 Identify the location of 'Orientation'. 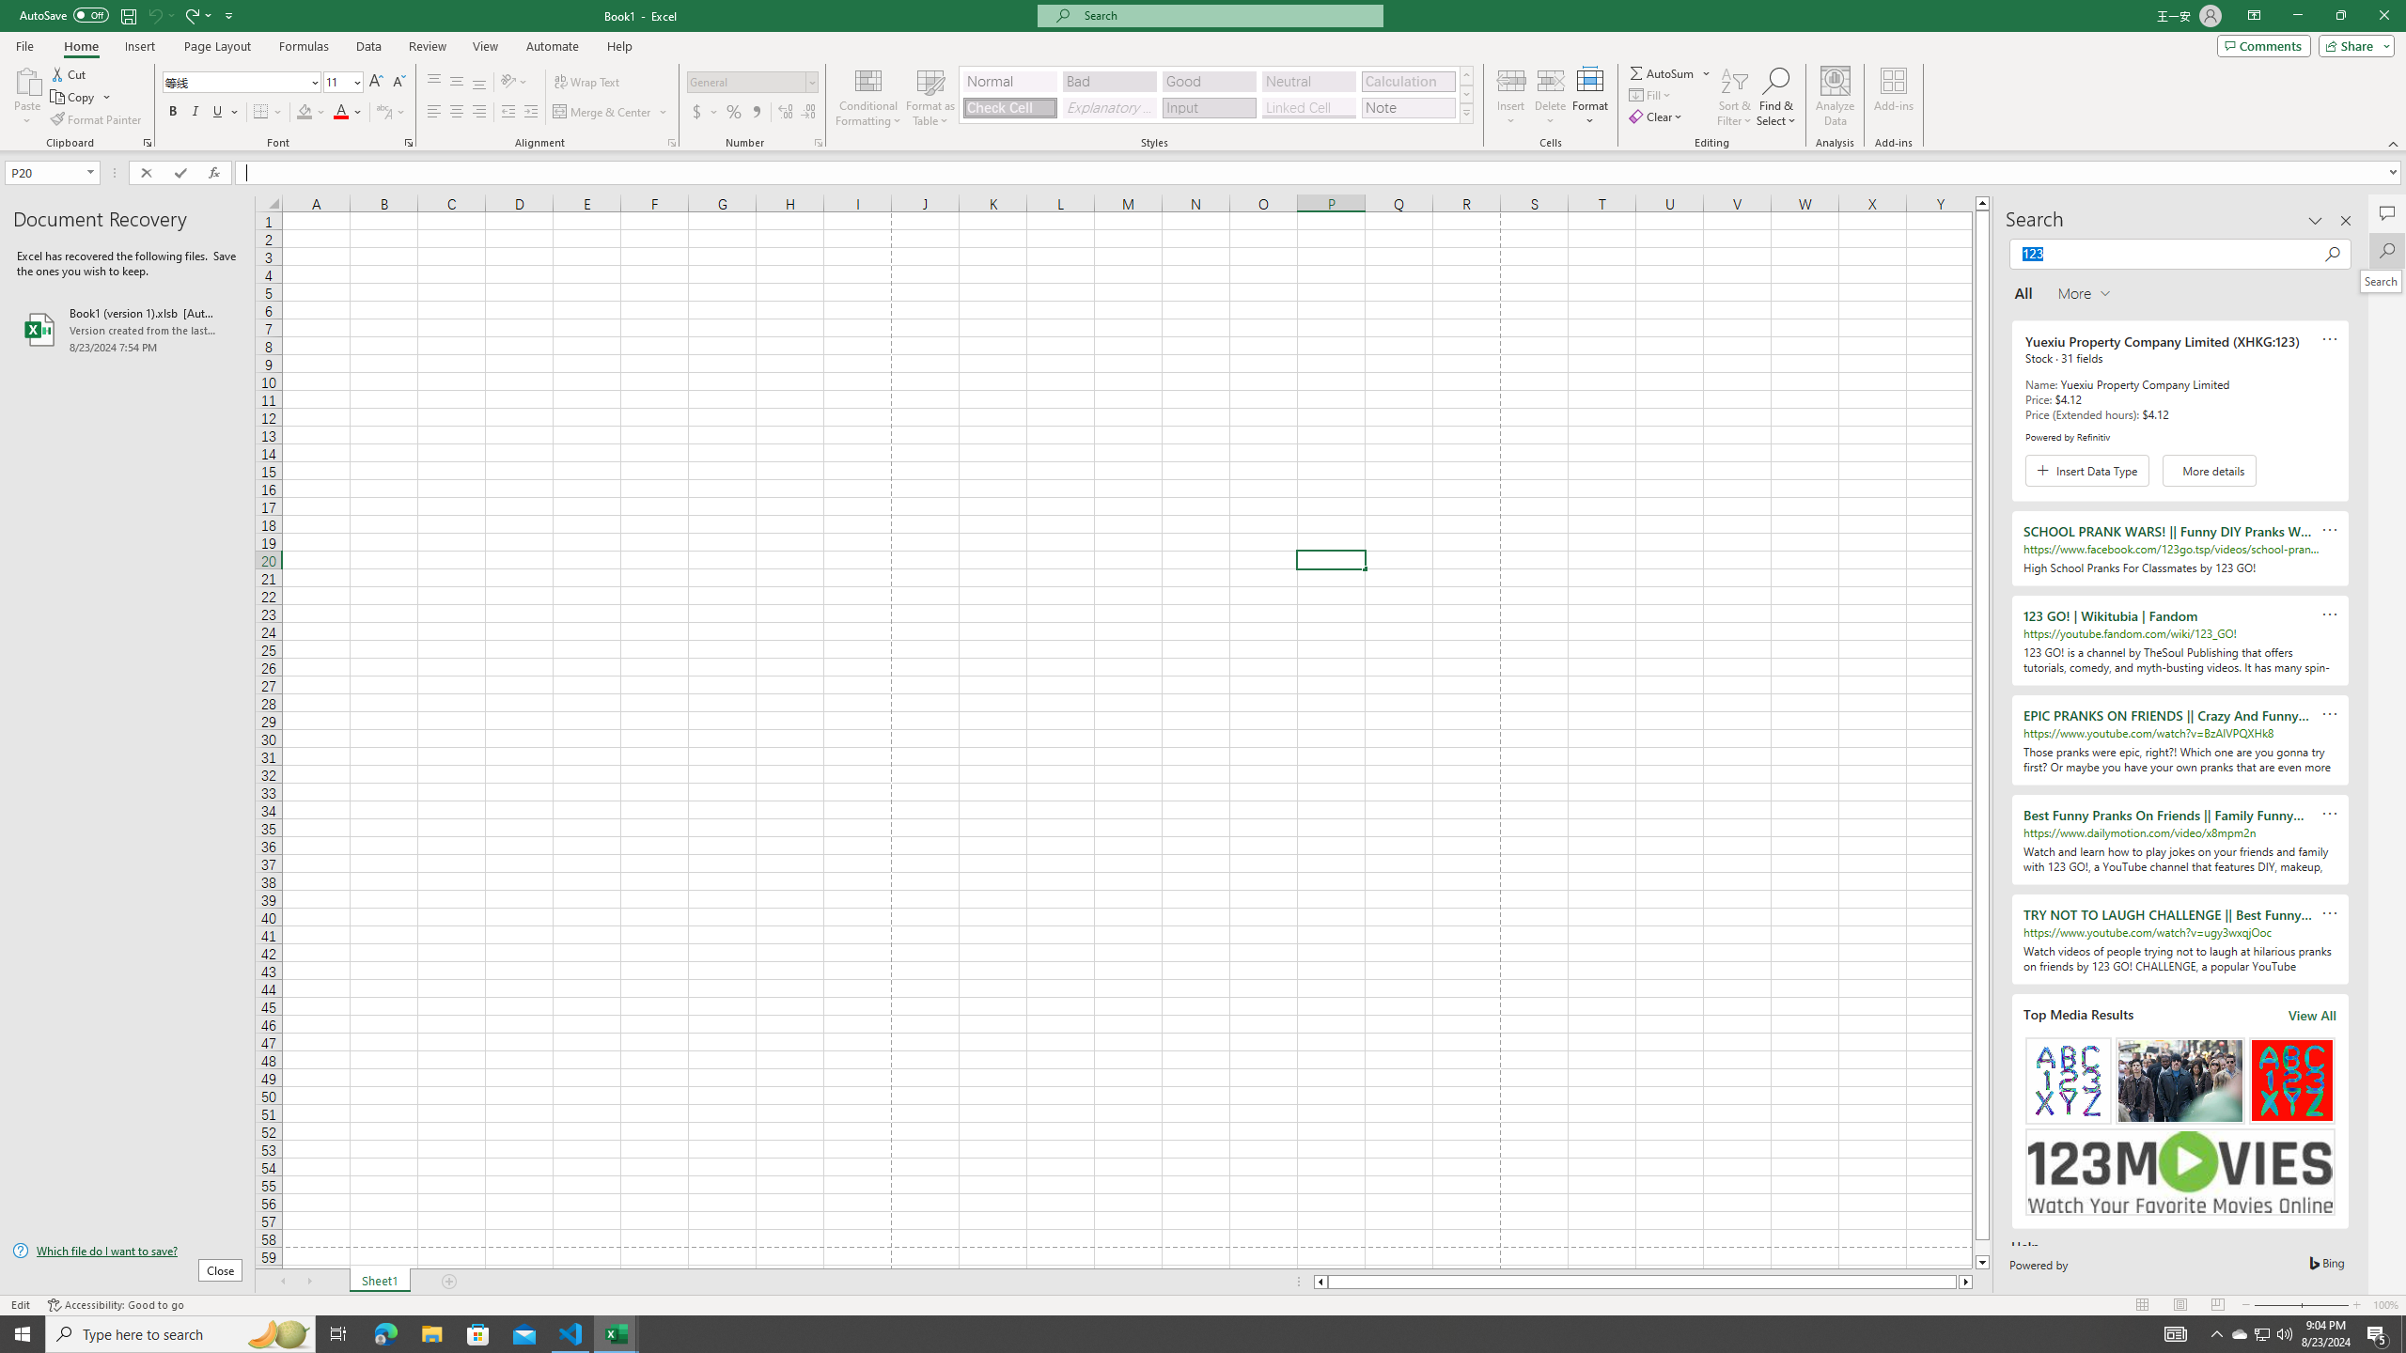
(513, 82).